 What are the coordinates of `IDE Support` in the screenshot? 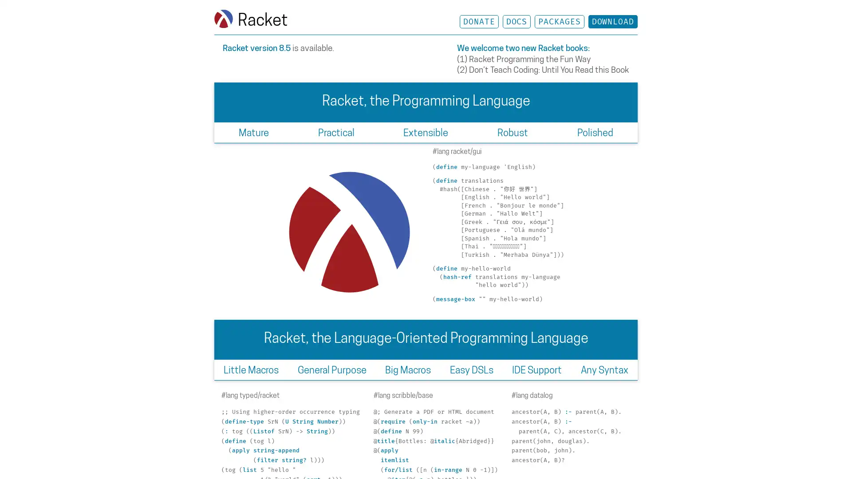 It's located at (536, 369).